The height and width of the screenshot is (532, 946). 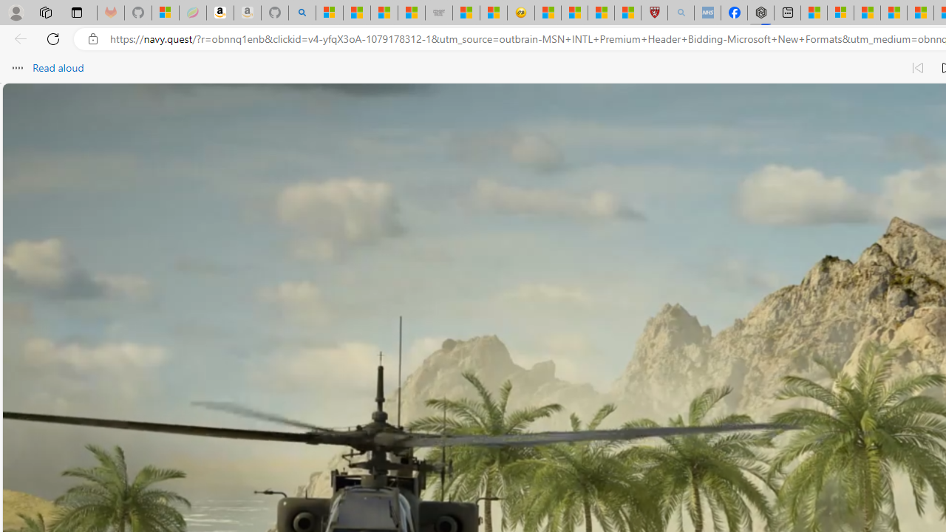 What do you see at coordinates (916, 68) in the screenshot?
I see `'Read previous paragraph'` at bounding box center [916, 68].